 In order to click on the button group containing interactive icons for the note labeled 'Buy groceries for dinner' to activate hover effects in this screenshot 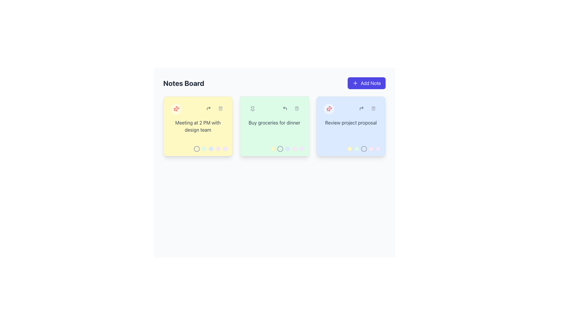, I will do `click(291, 108)`.